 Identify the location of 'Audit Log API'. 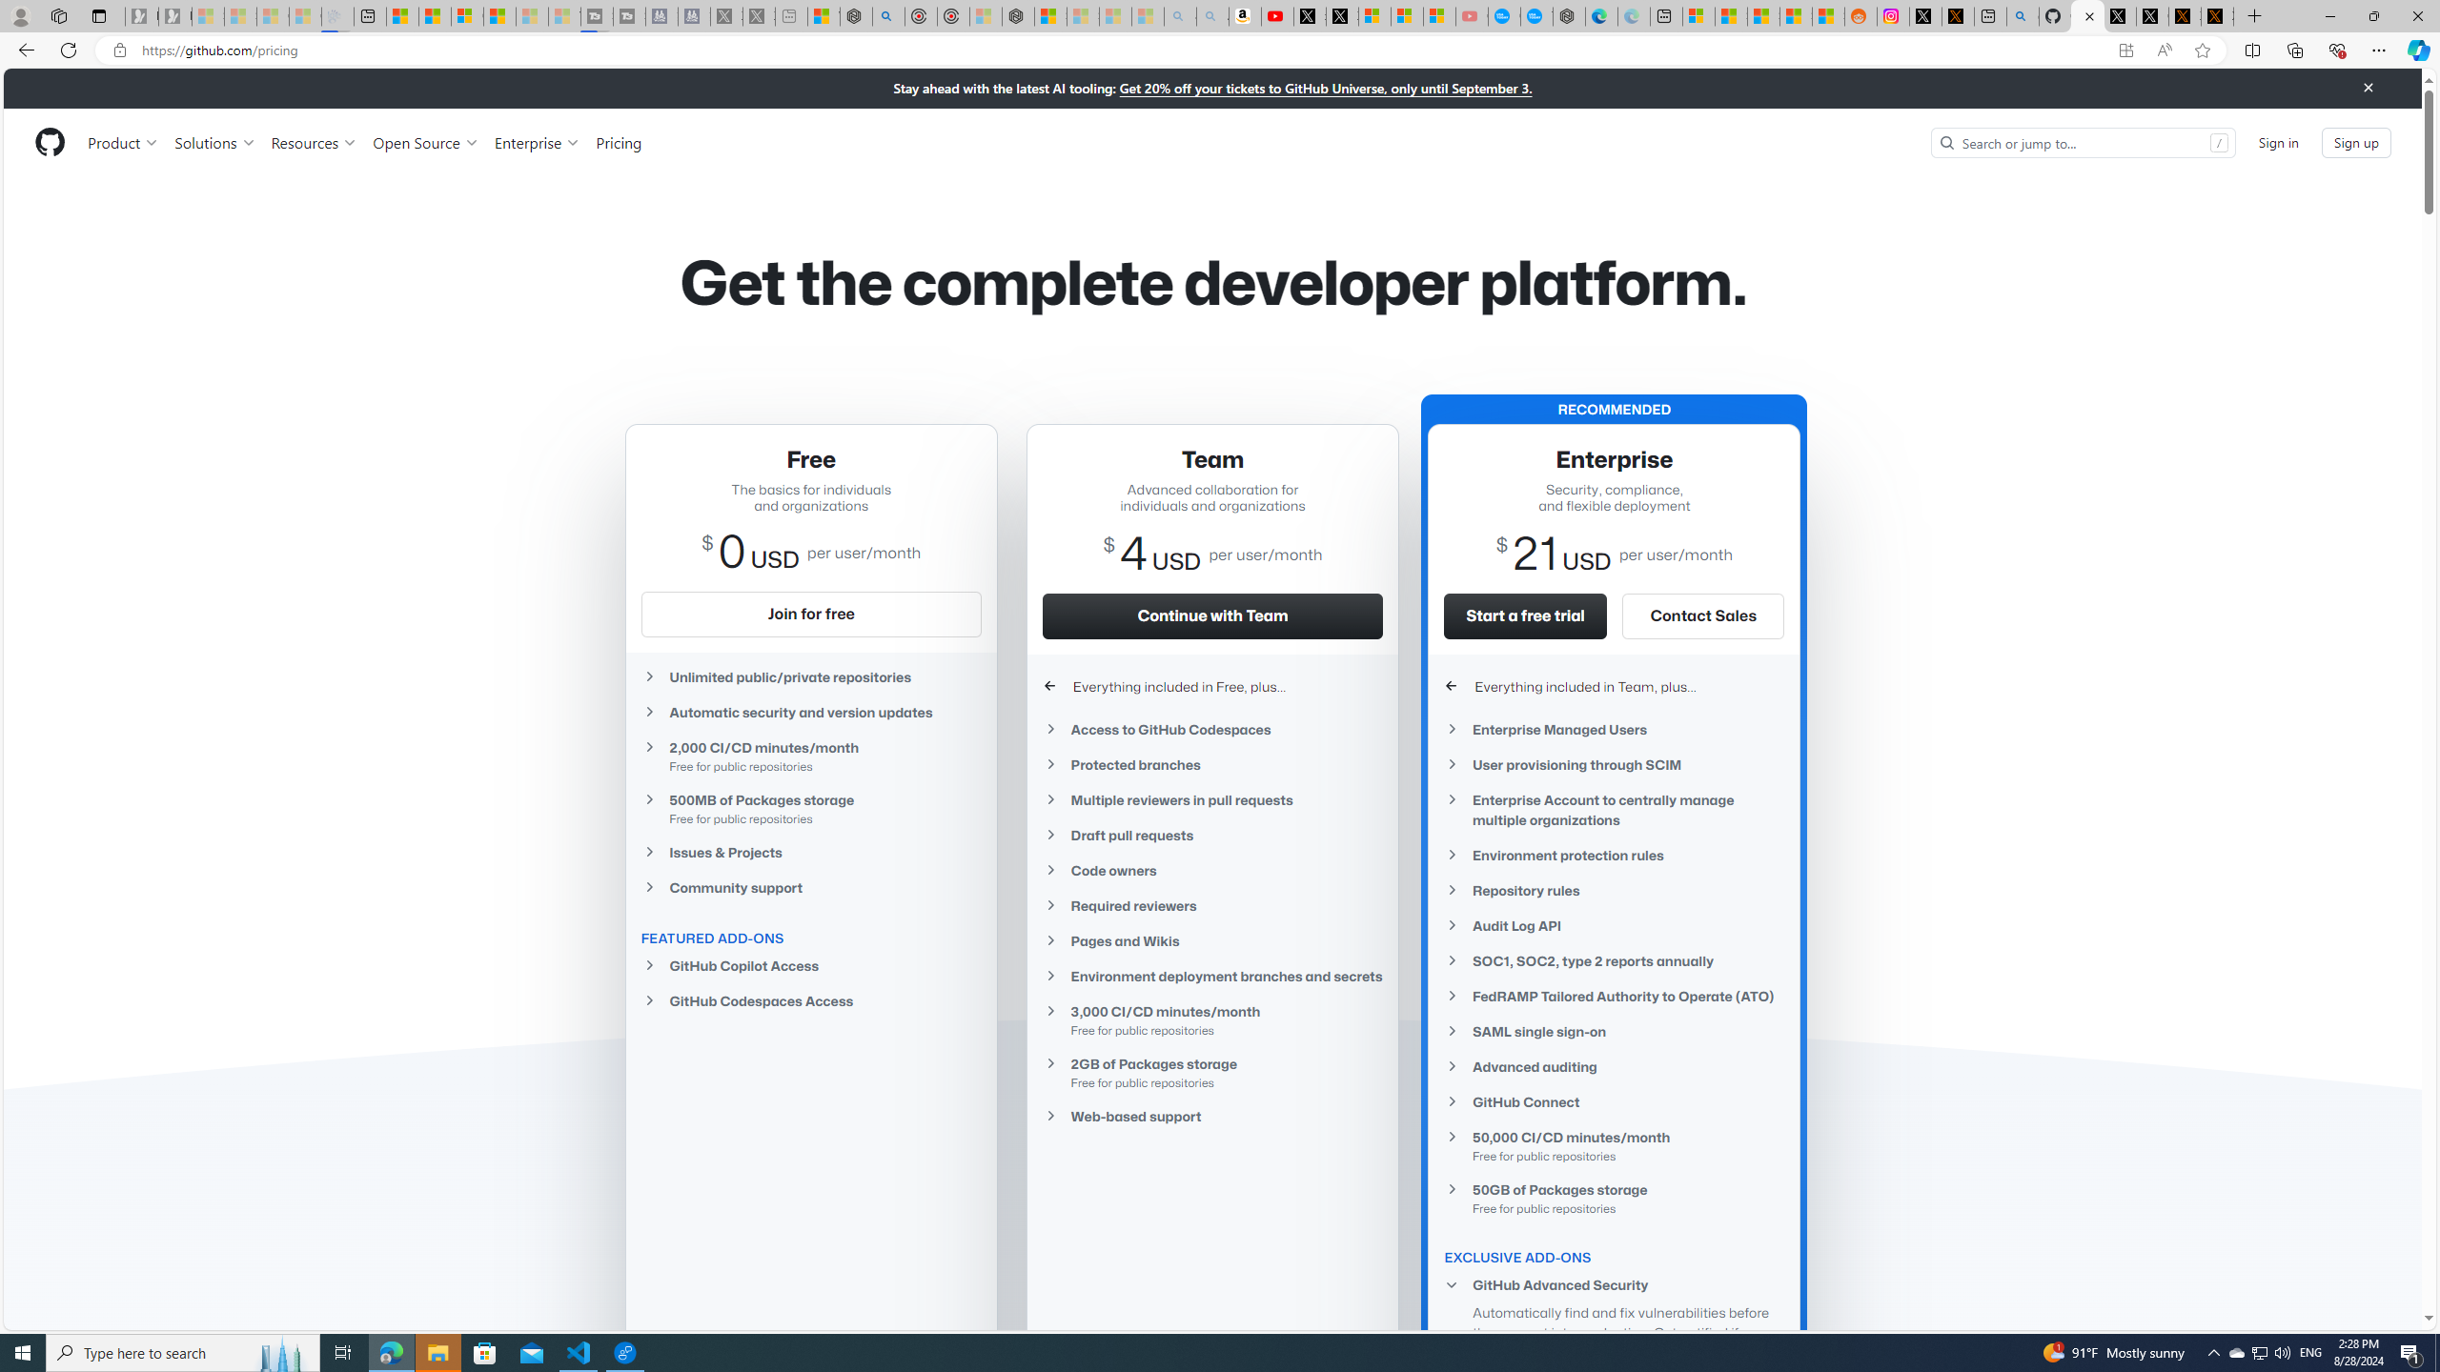
(1614, 924).